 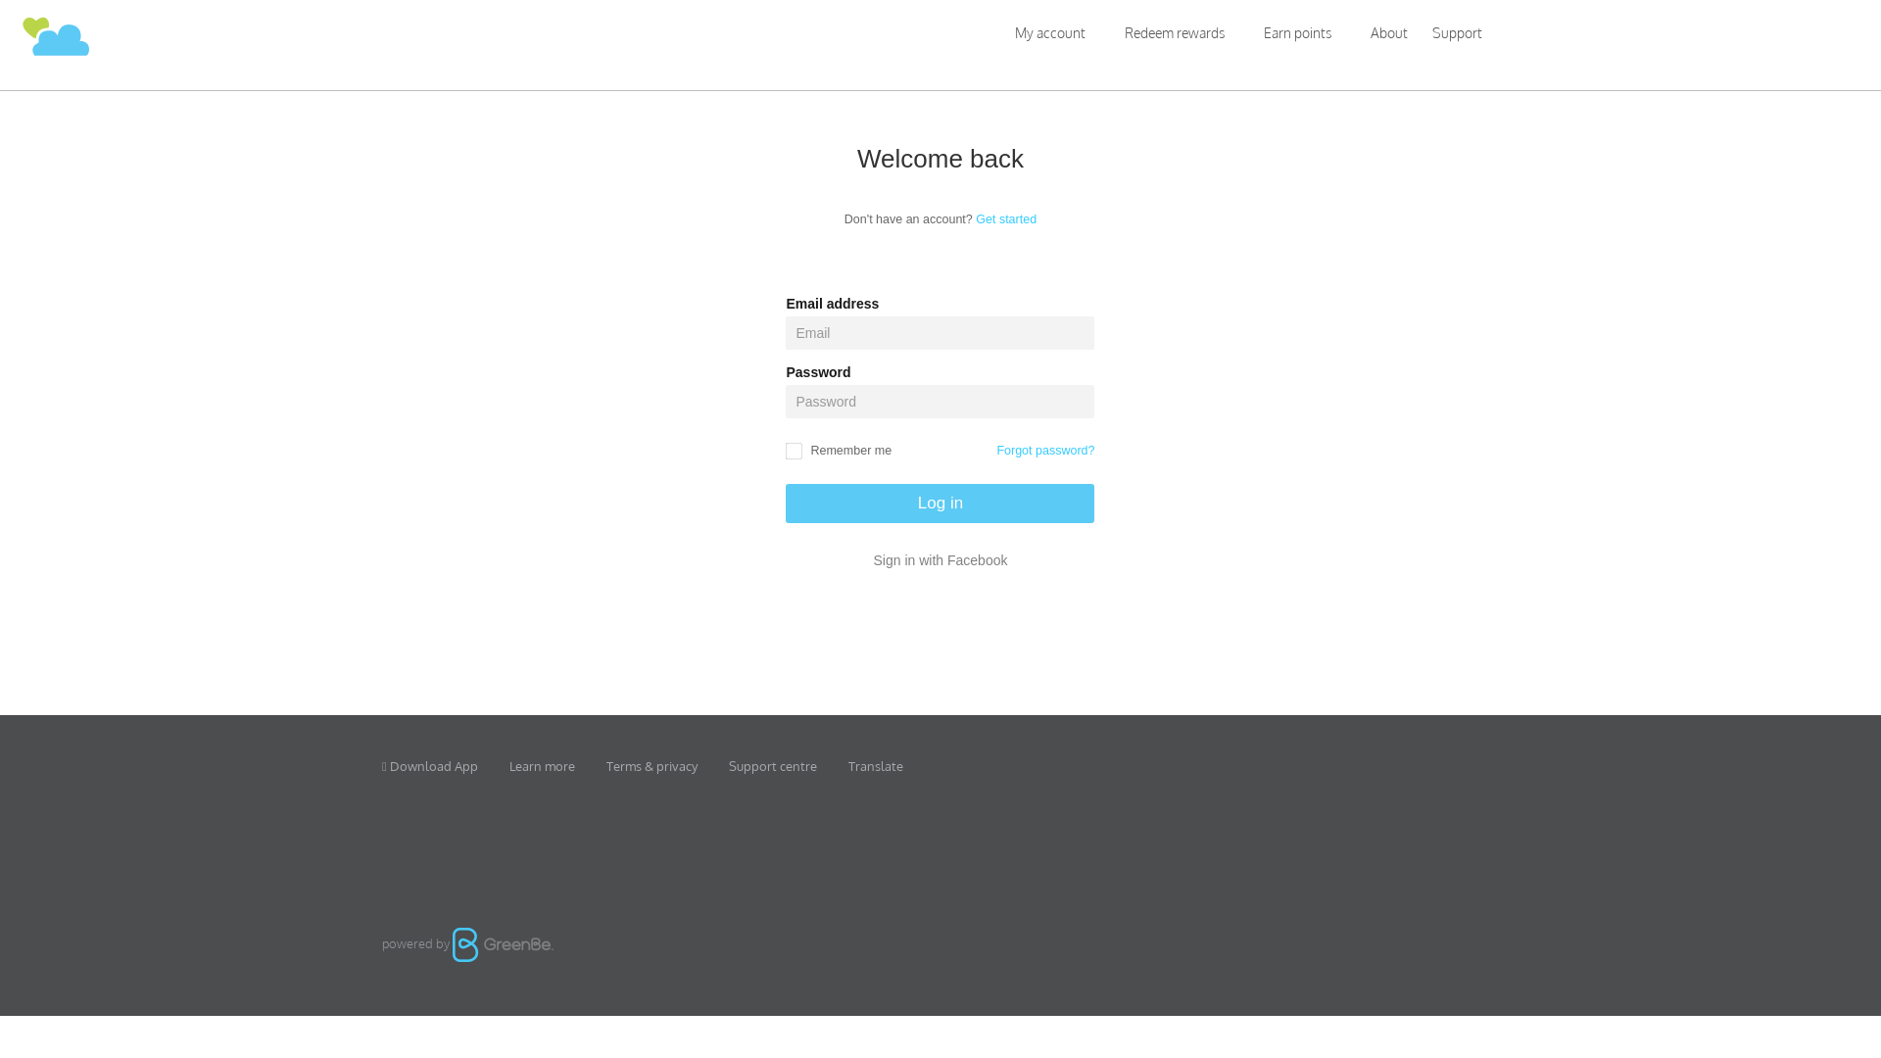 What do you see at coordinates (1048, 32) in the screenshot?
I see `'My account'` at bounding box center [1048, 32].